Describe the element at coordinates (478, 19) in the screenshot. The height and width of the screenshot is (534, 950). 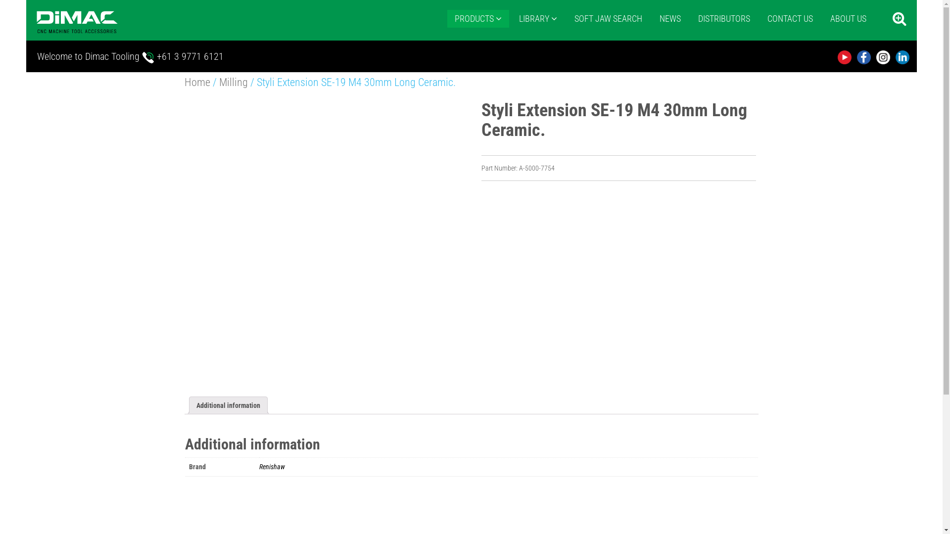
I see `'PRODUCTS'` at that location.